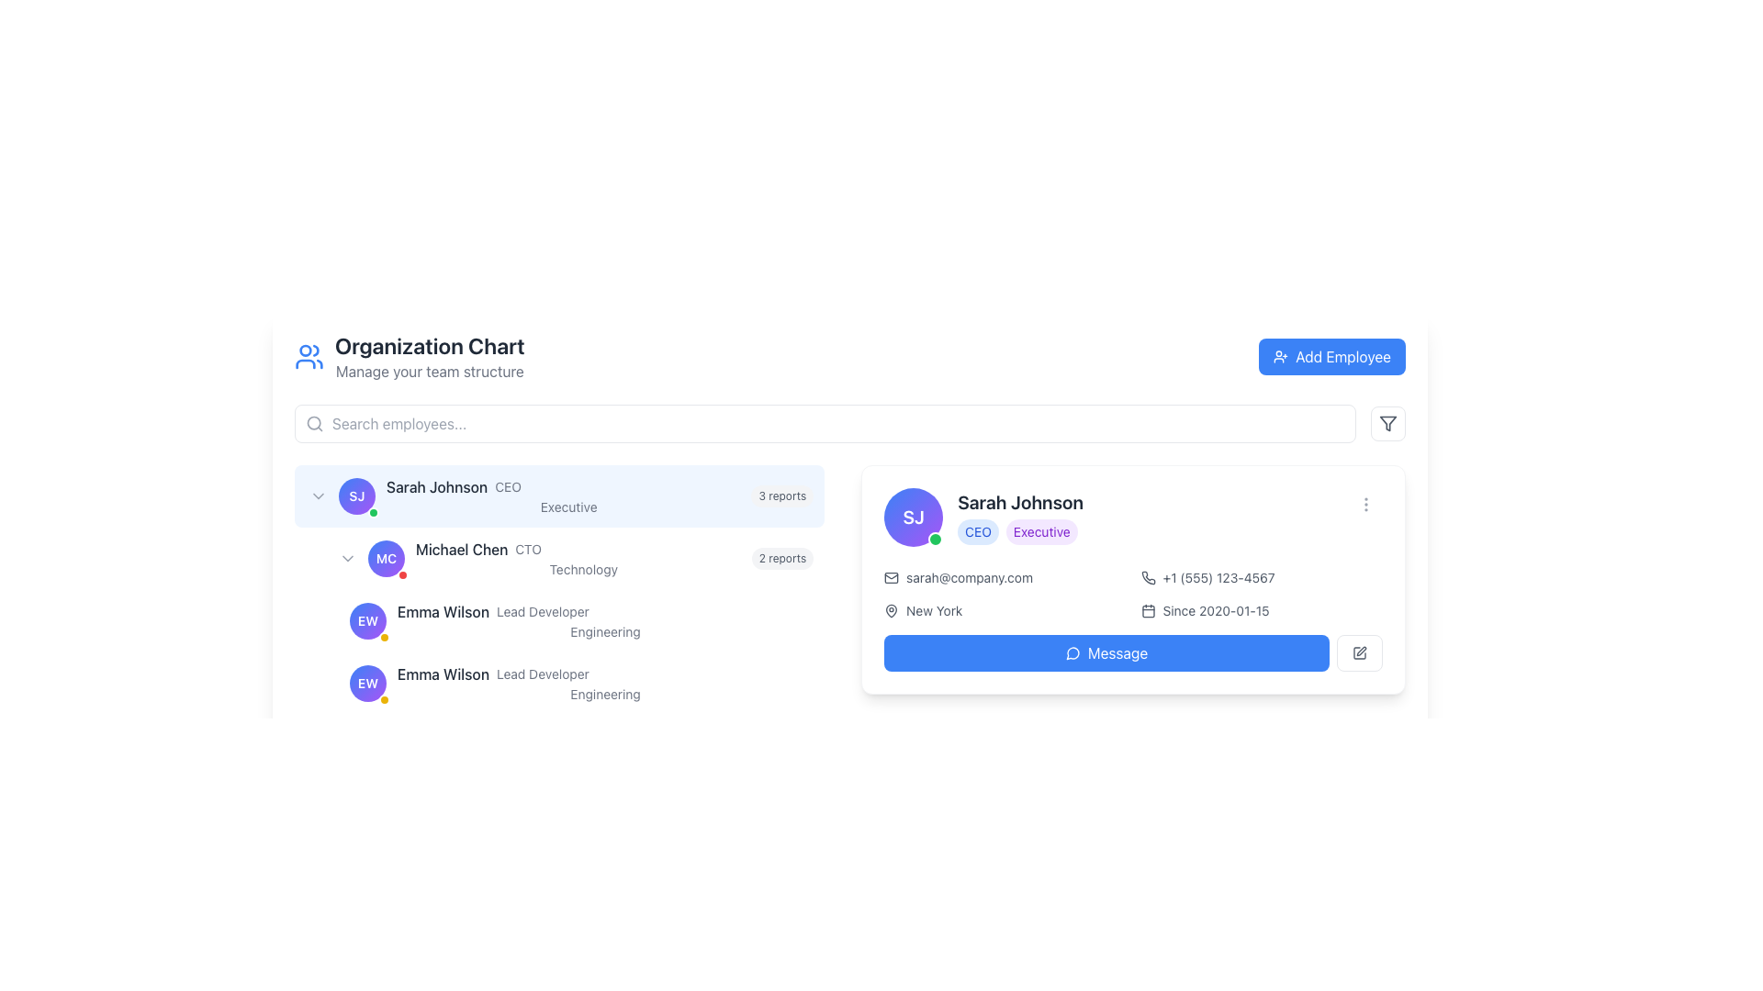  What do you see at coordinates (318, 495) in the screenshot?
I see `the downward-pointing chevron icon button` at bounding box center [318, 495].